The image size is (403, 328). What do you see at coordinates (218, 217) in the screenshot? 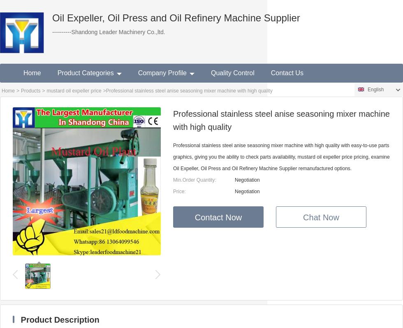
I see `'Contact Now'` at bounding box center [218, 217].